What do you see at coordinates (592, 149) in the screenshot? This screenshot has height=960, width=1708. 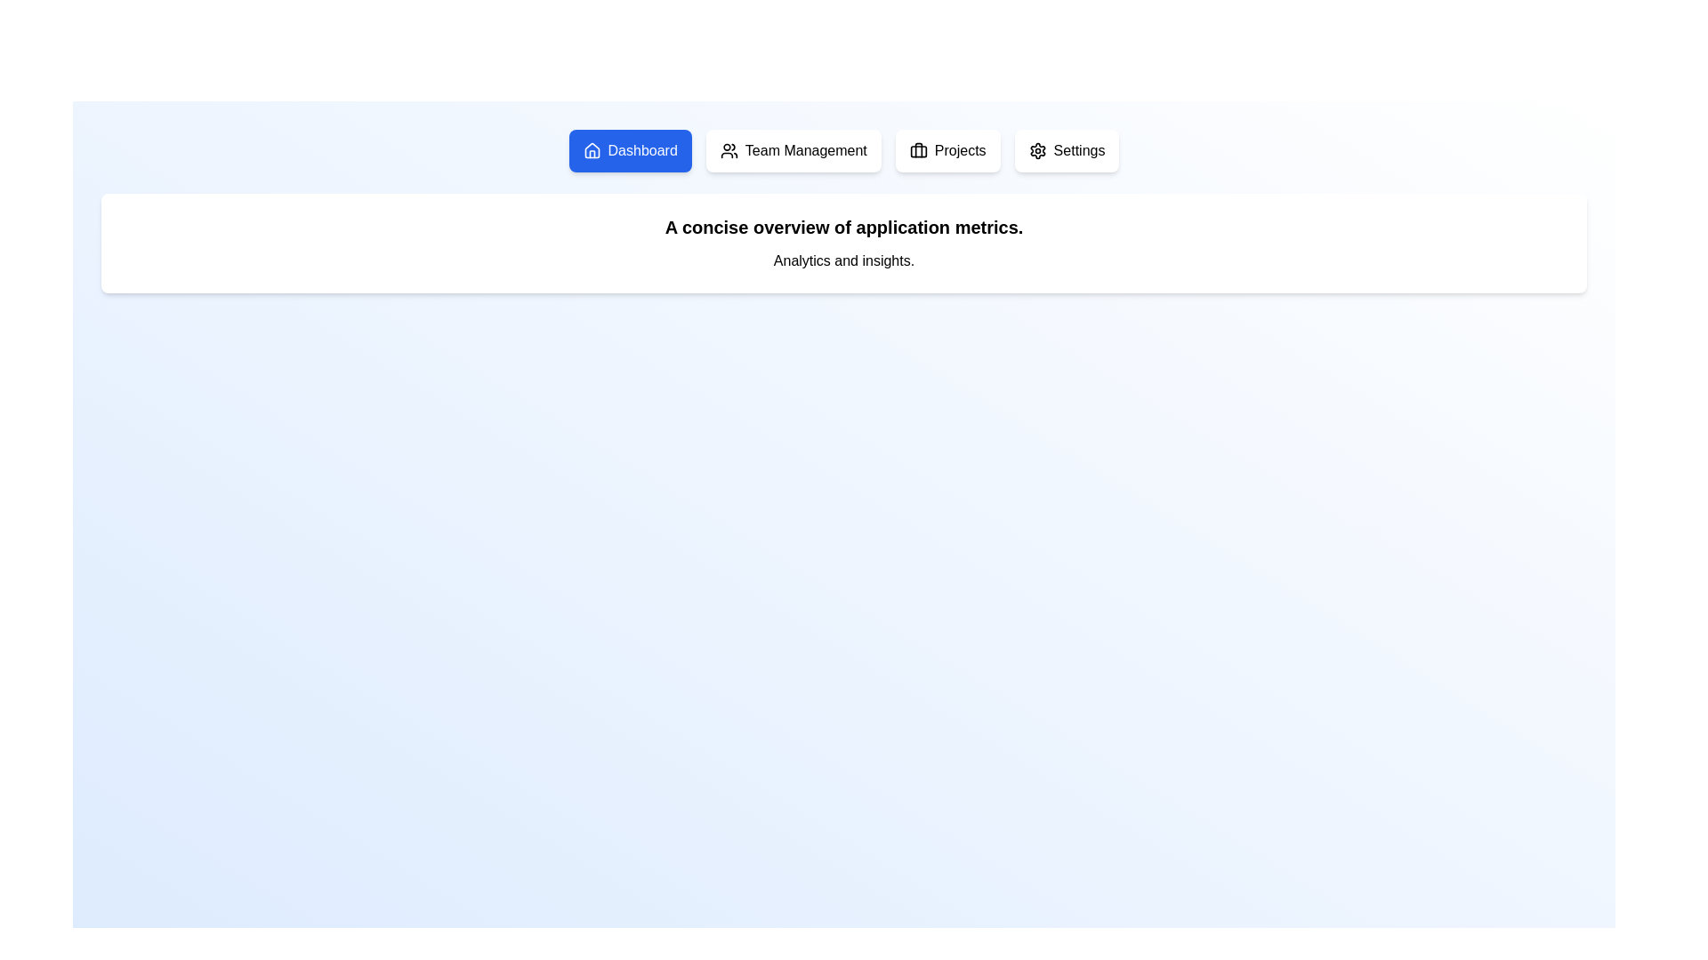 I see `the hollow house-shaped icon located within the blue 'Dashboard' button at the upper left corner of the navigation bar` at bounding box center [592, 149].